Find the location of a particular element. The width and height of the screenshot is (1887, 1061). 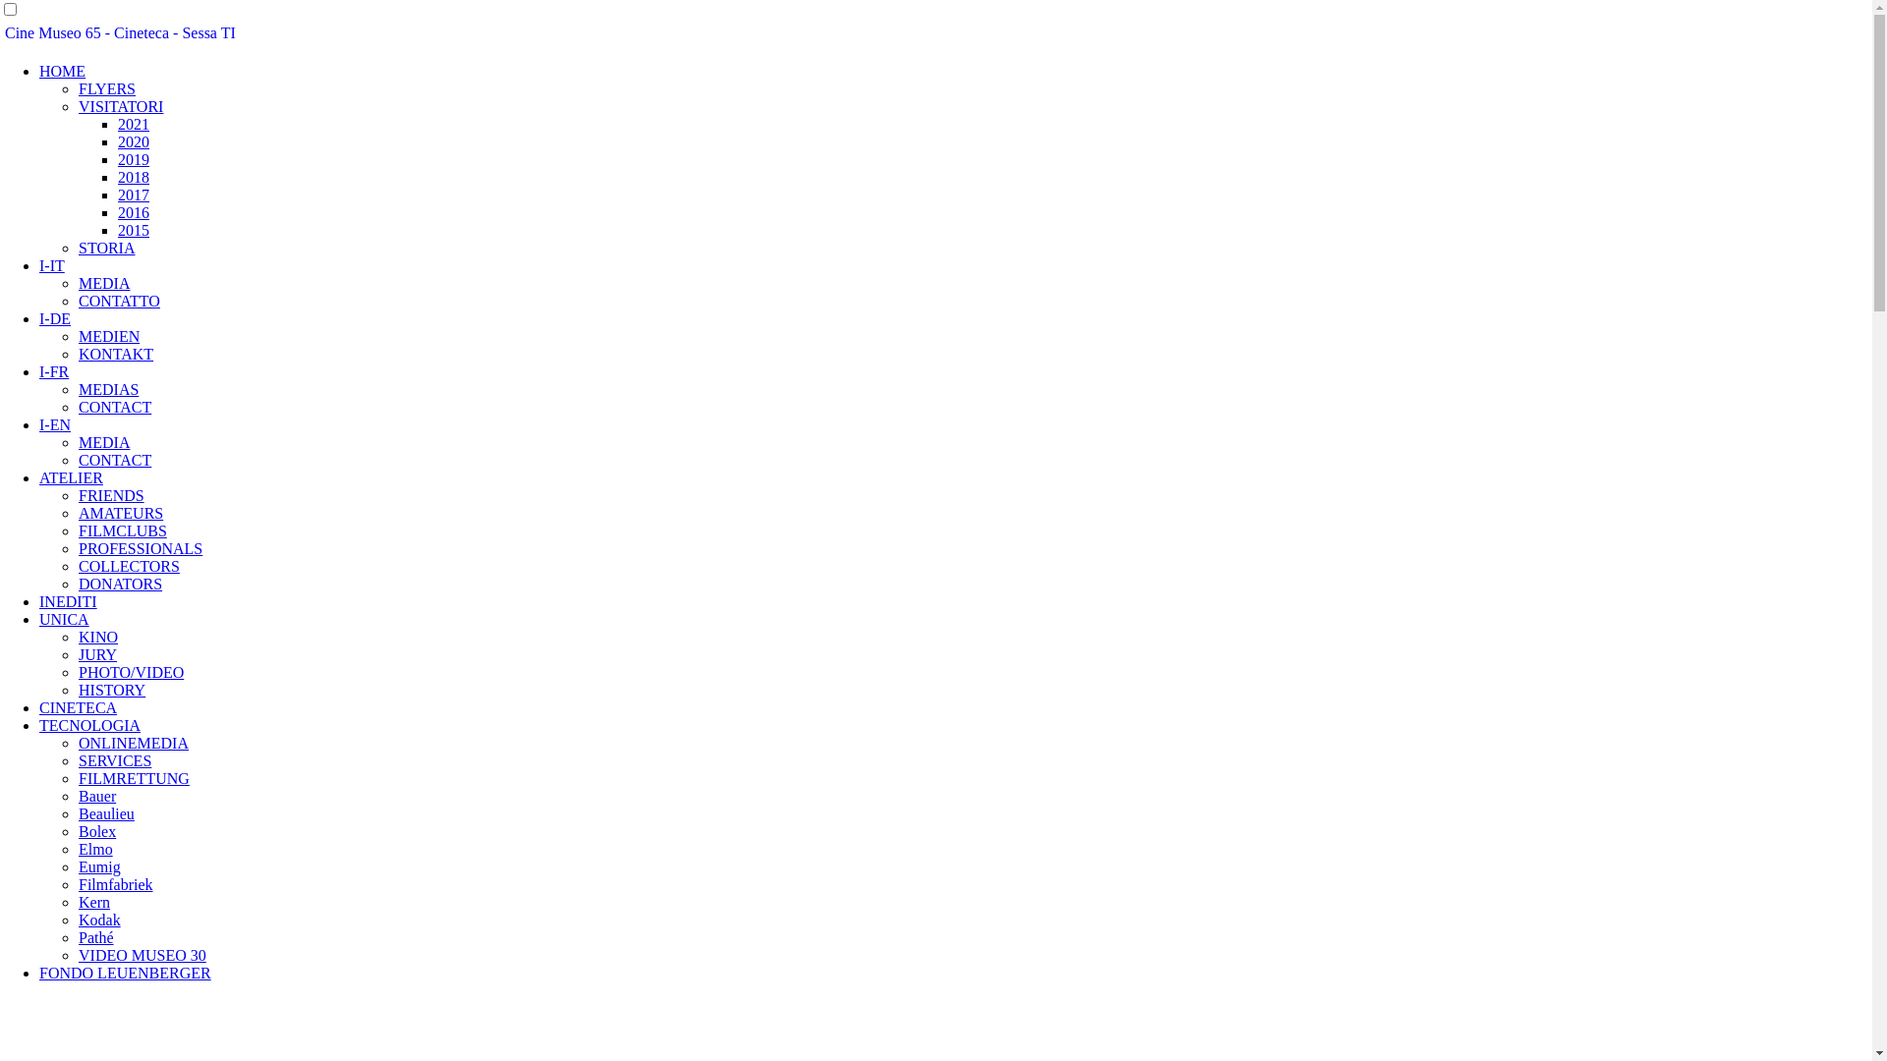

'Eumig' is located at coordinates (98, 866).